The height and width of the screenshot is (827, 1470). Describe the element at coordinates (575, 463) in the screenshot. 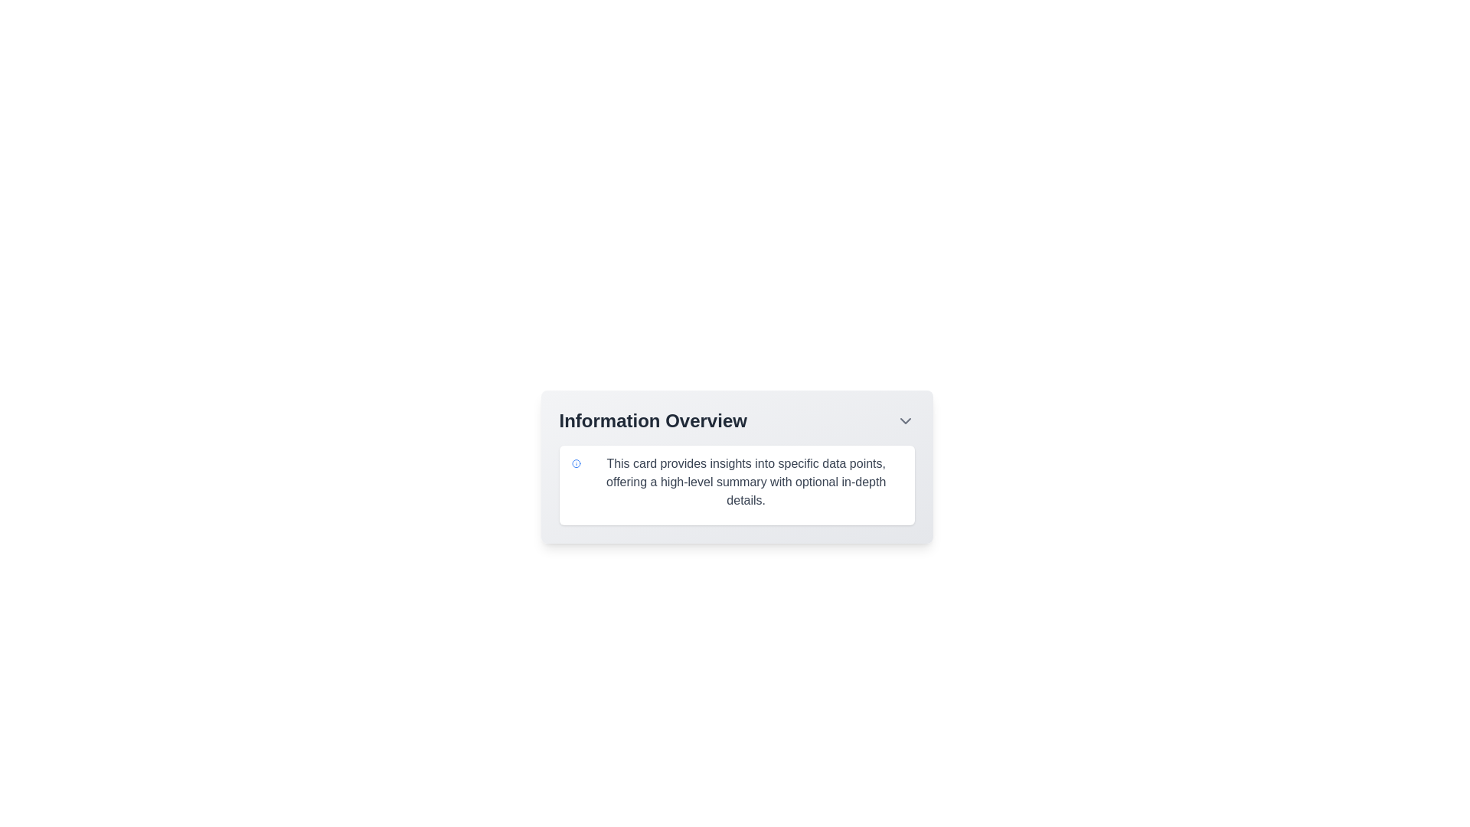

I see `the SVG circle element that is part of the blue-tinted info icon adjacent to a text block` at that location.